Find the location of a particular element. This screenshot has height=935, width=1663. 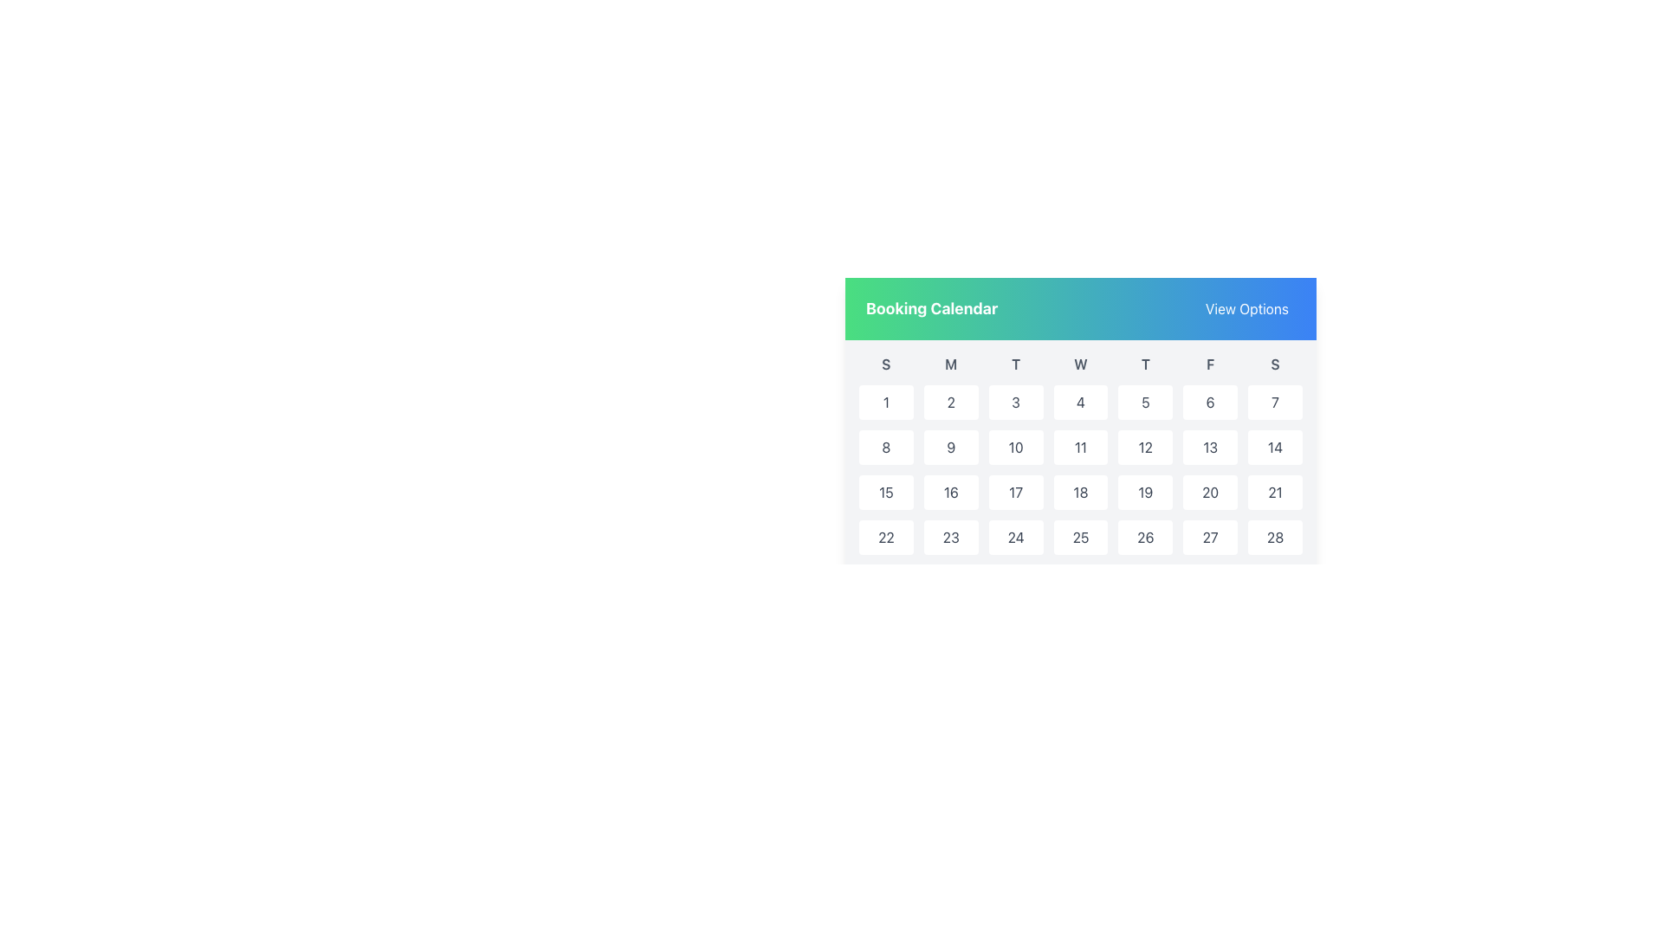

the calendar cell displaying the number '22', which is located in the fourth row and first column of the calendar grid is located at coordinates (886, 537).